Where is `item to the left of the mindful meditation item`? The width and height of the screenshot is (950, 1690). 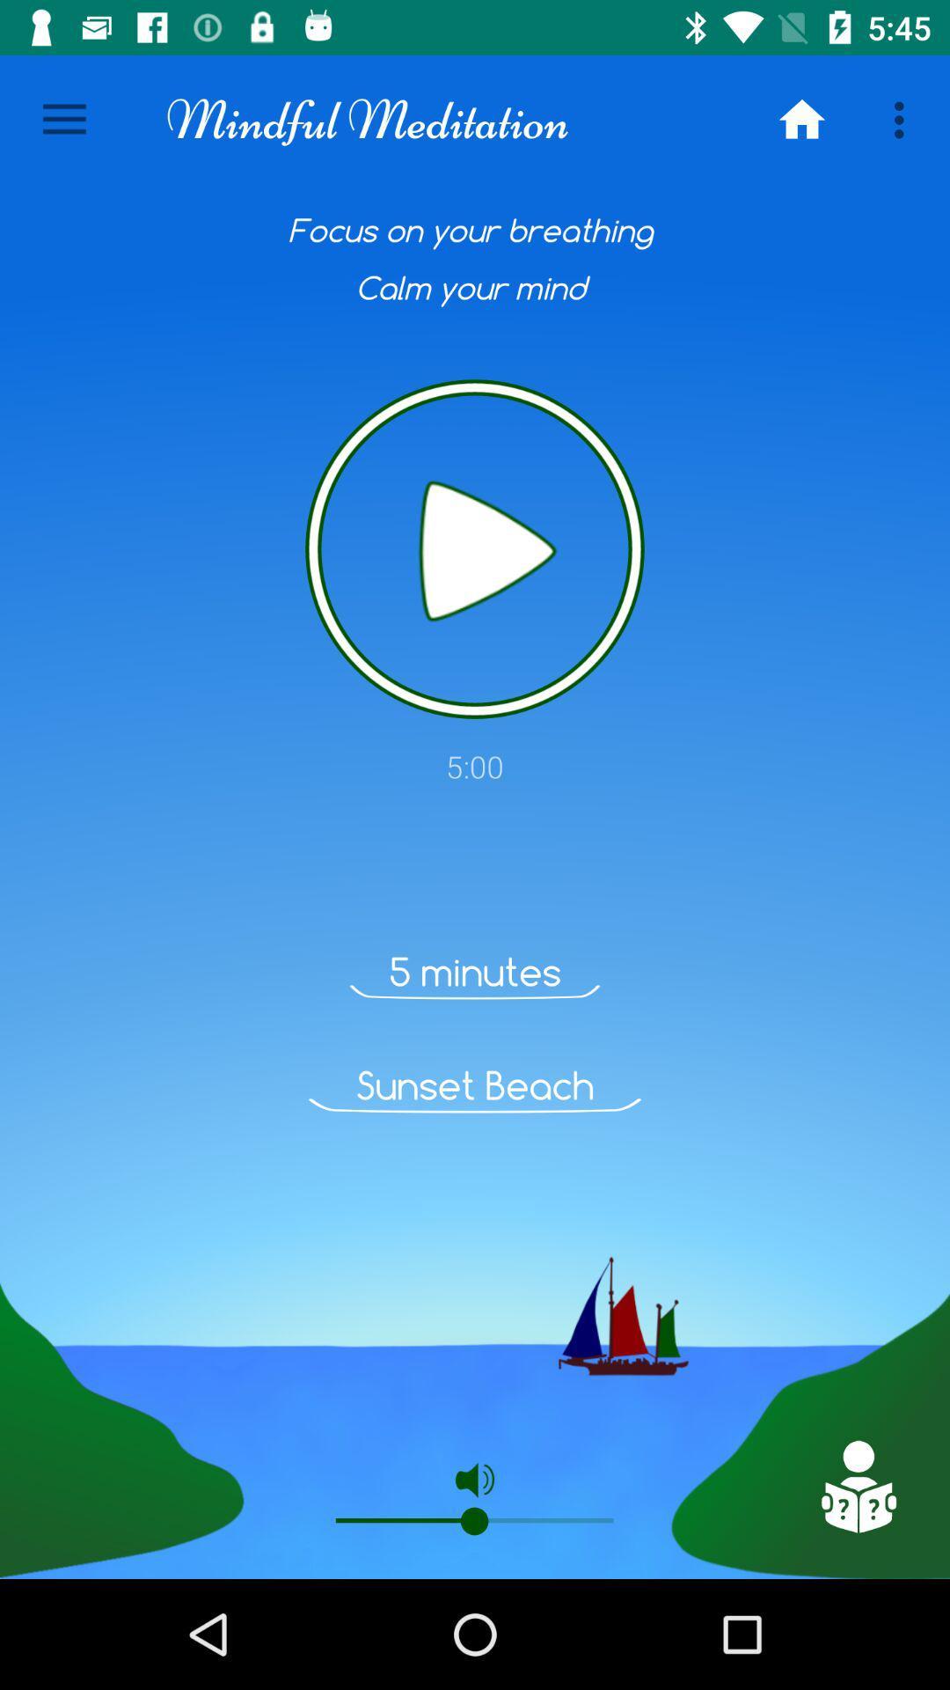
item to the left of the mindful meditation item is located at coordinates (63, 119).